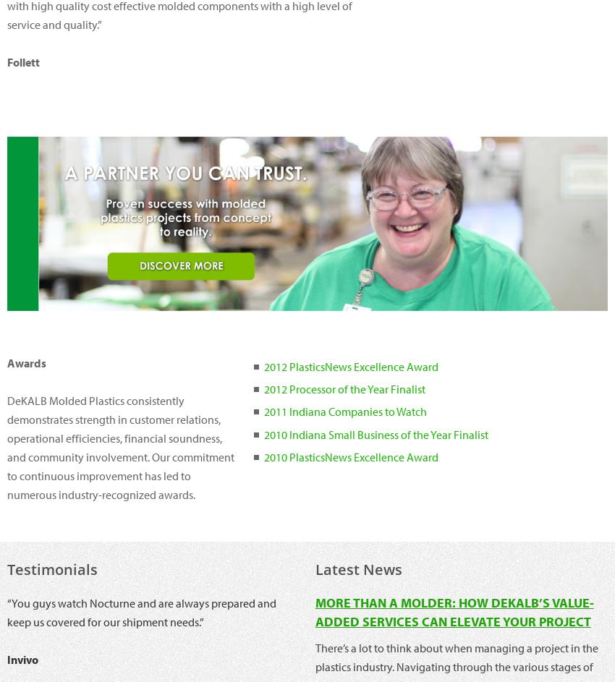  What do you see at coordinates (358, 568) in the screenshot?
I see `'Latest News'` at bounding box center [358, 568].